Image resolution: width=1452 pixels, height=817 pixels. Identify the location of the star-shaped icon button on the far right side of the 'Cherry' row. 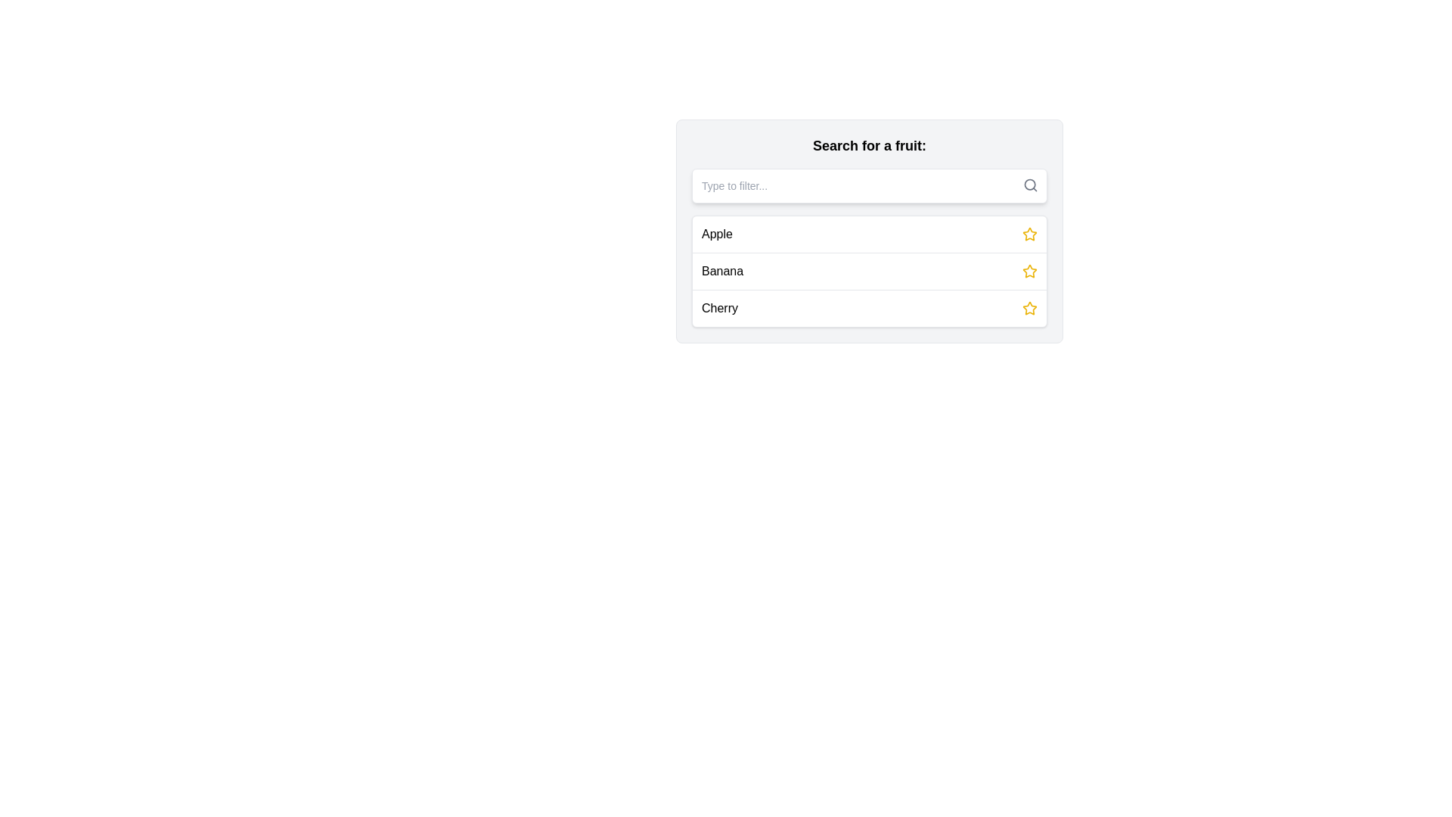
(1029, 308).